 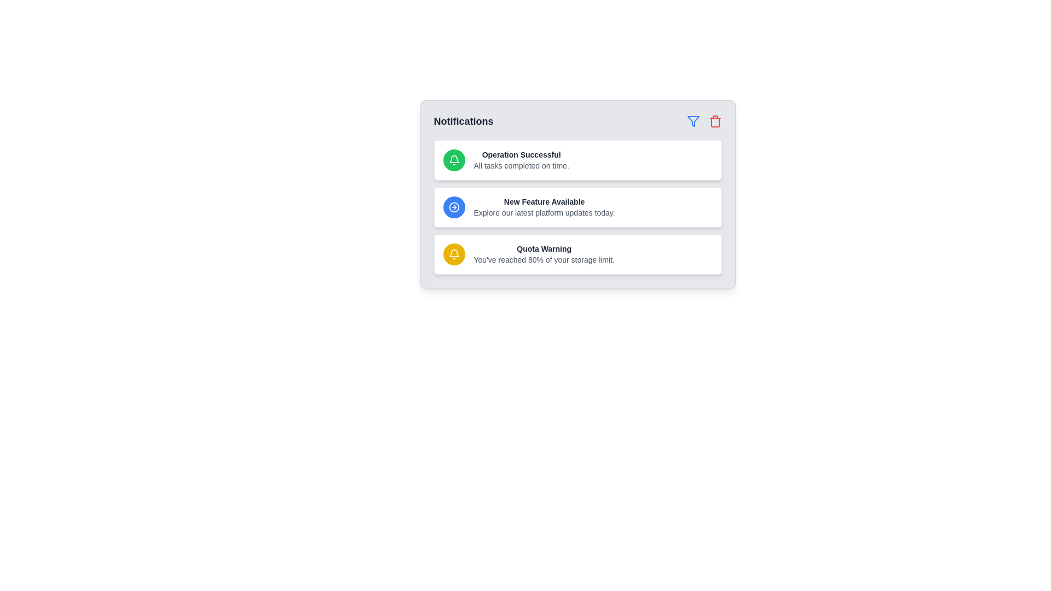 I want to click on the circular graphical icon with an arrow, located in the notification panel under the 'New Feature Available' notification, so click(x=454, y=207).